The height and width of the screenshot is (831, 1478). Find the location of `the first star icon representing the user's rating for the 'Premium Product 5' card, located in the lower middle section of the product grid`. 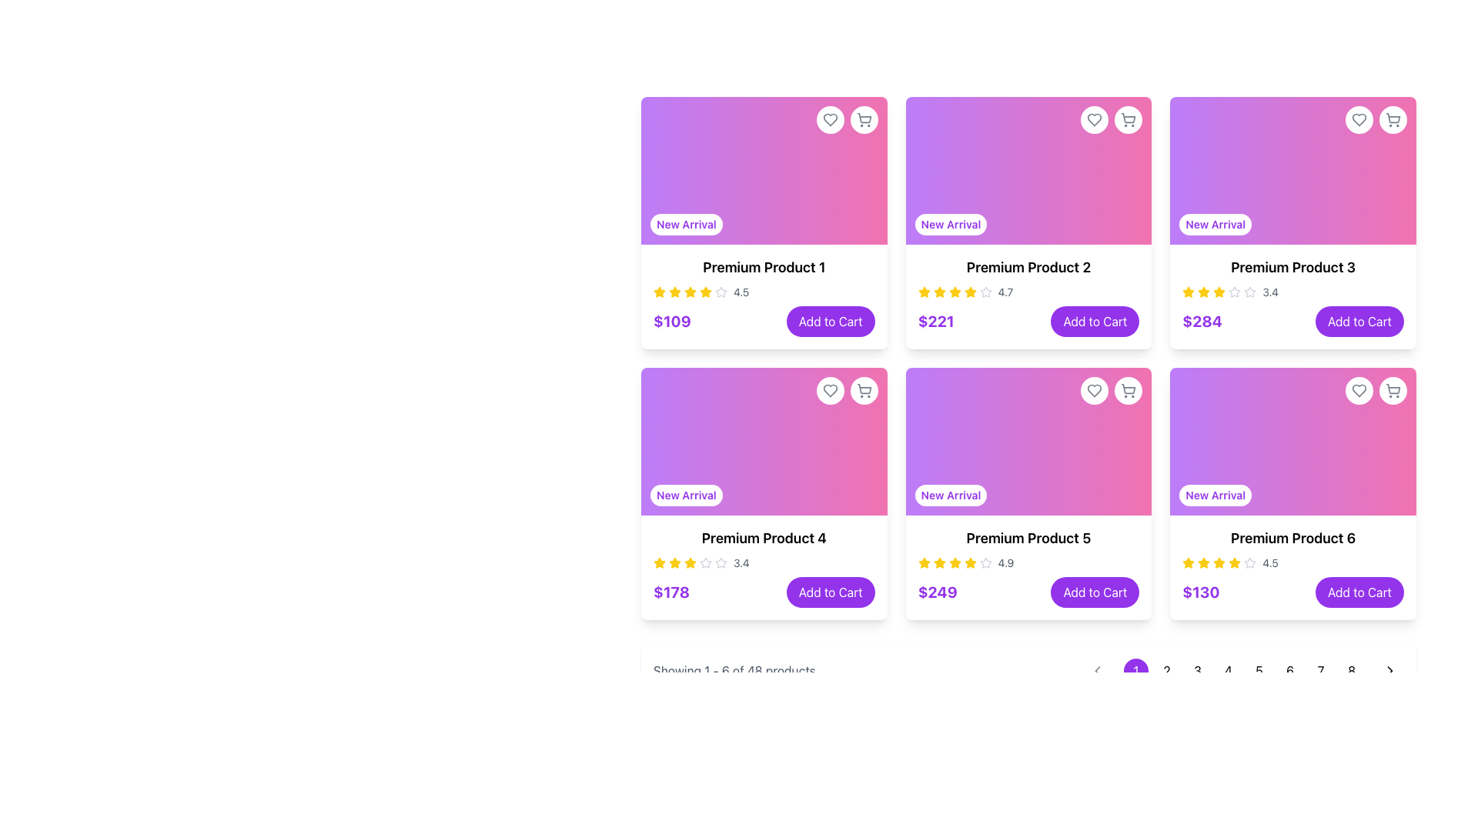

the first star icon representing the user's rating for the 'Premium Product 5' card, located in the lower middle section of the product grid is located at coordinates (924, 563).